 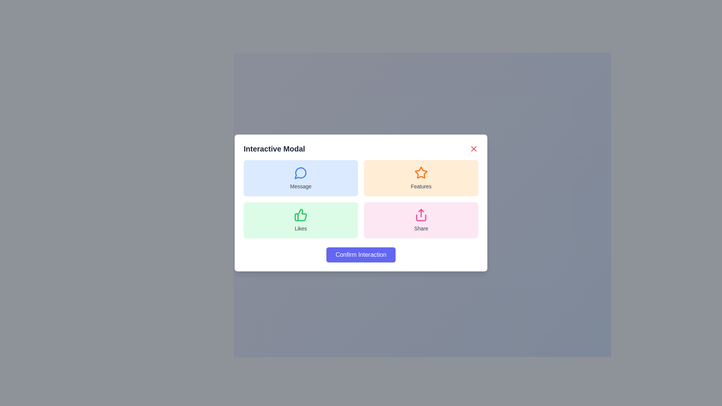 What do you see at coordinates (301, 220) in the screenshot?
I see `the informational block displaying status related to 'Likes', located below the blue 'Message' item and to the left of the pink 'Share' item` at bounding box center [301, 220].